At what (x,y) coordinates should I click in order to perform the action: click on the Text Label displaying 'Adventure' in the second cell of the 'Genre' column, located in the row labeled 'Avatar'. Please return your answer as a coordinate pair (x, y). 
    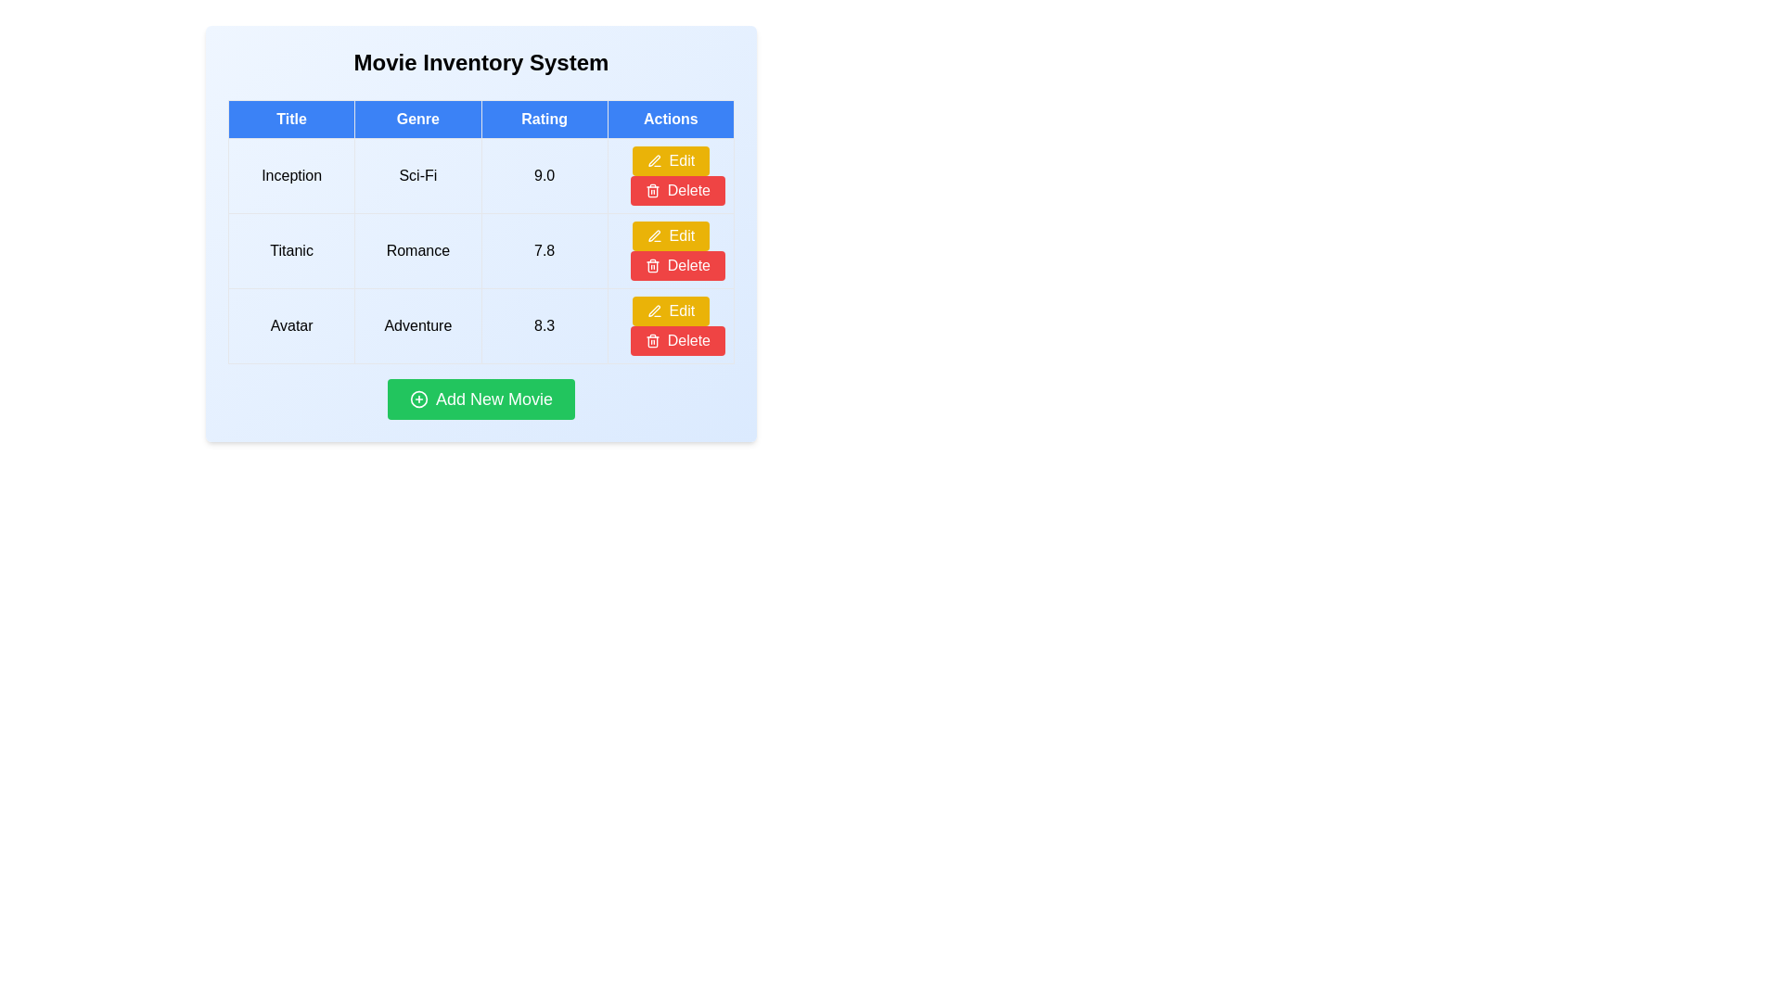
    Looking at the image, I should click on (416, 324).